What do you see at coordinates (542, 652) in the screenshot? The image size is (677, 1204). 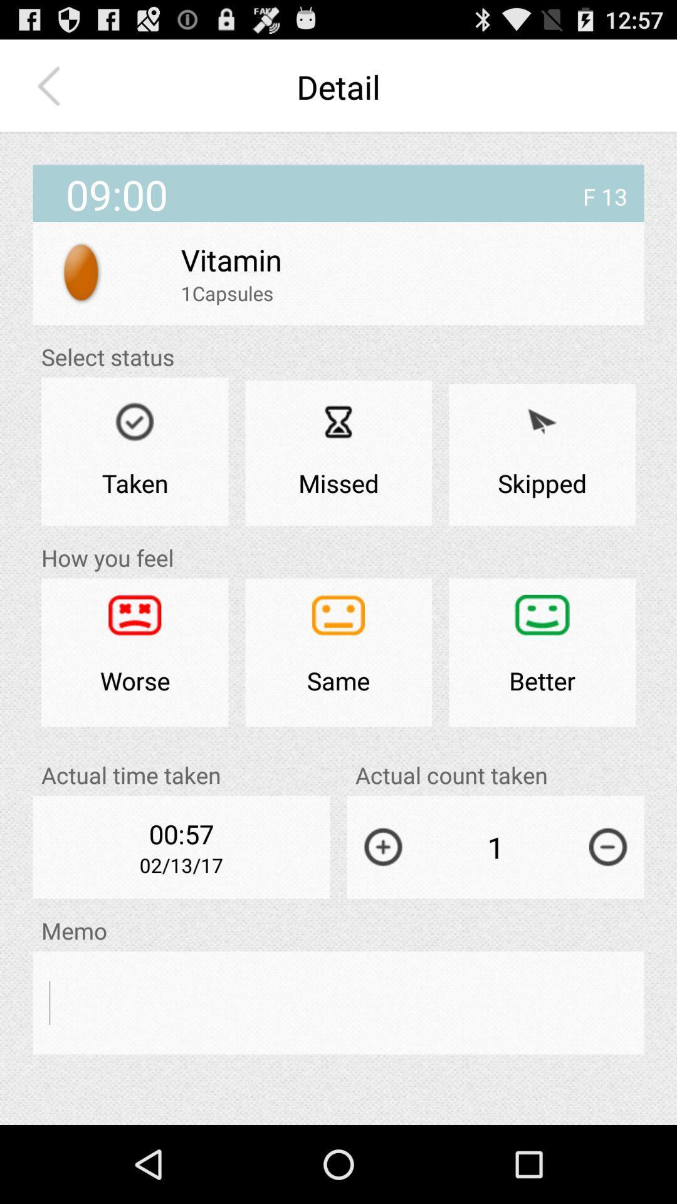 I see `better icon` at bounding box center [542, 652].